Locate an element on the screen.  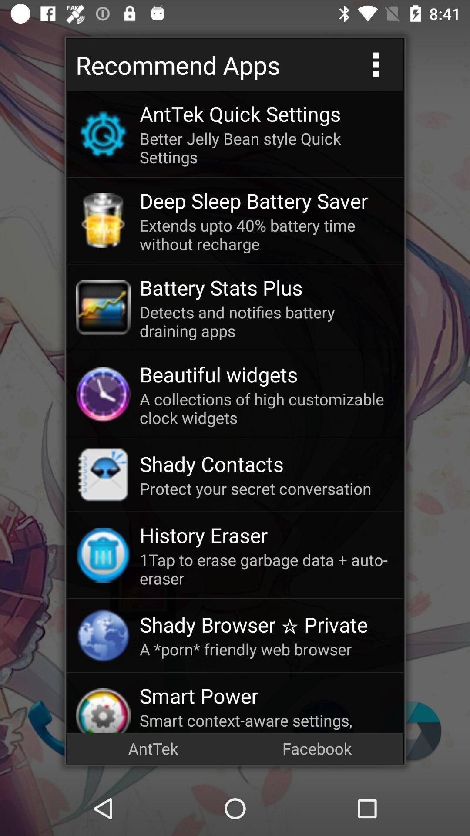
the app above deep sleep battery icon is located at coordinates (266, 148).